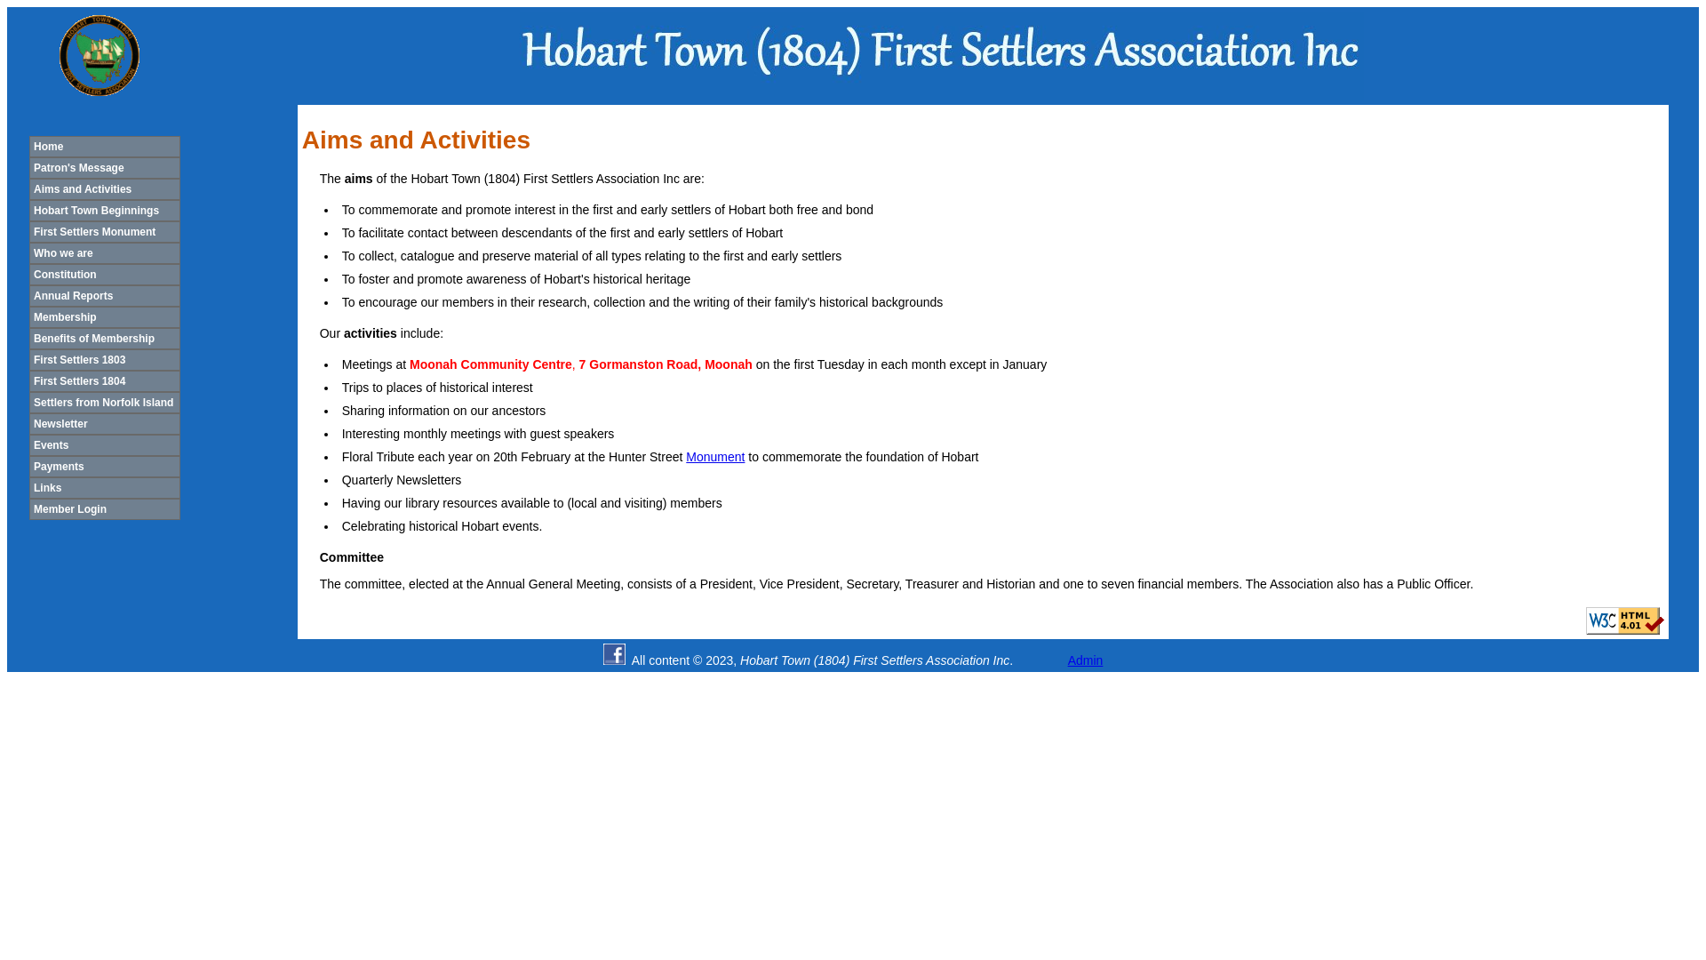 This screenshot has height=960, width=1706. Describe the element at coordinates (104, 487) in the screenshot. I see `'Links'` at that location.